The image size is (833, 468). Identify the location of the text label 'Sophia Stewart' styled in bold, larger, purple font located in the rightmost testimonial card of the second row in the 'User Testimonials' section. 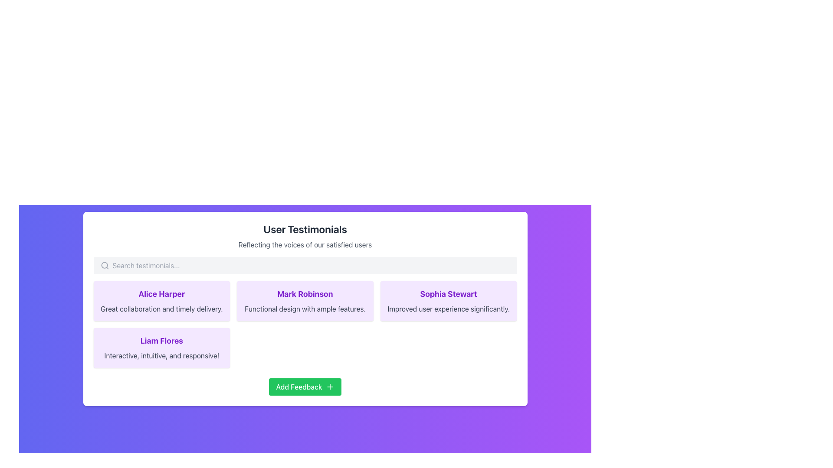
(449, 293).